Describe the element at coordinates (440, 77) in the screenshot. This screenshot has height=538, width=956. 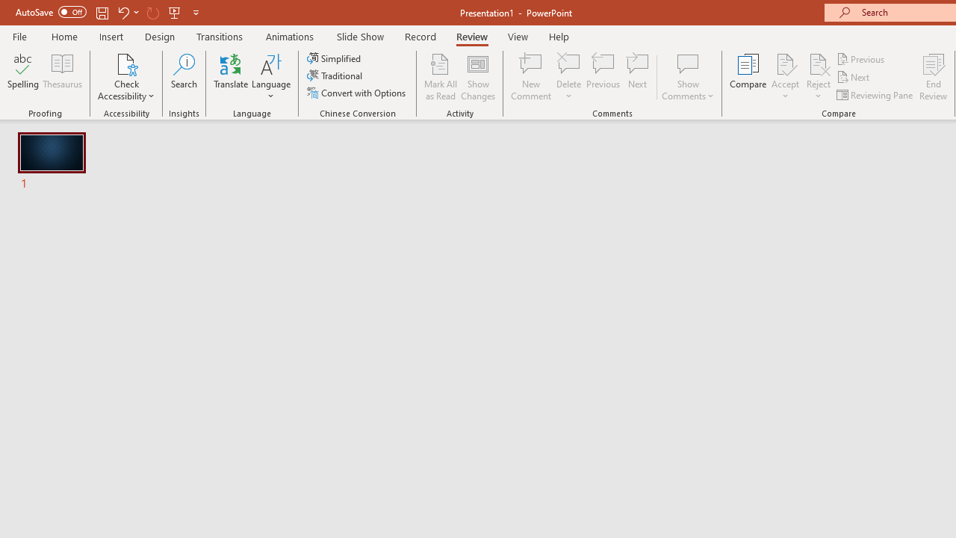
I see `'Mark All as Read'` at that location.